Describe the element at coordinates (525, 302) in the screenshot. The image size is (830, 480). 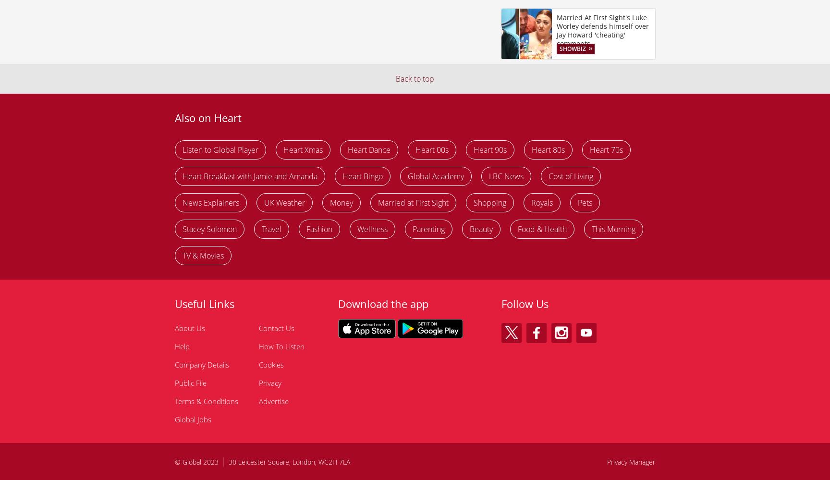
I see `'Follow Us'` at that location.